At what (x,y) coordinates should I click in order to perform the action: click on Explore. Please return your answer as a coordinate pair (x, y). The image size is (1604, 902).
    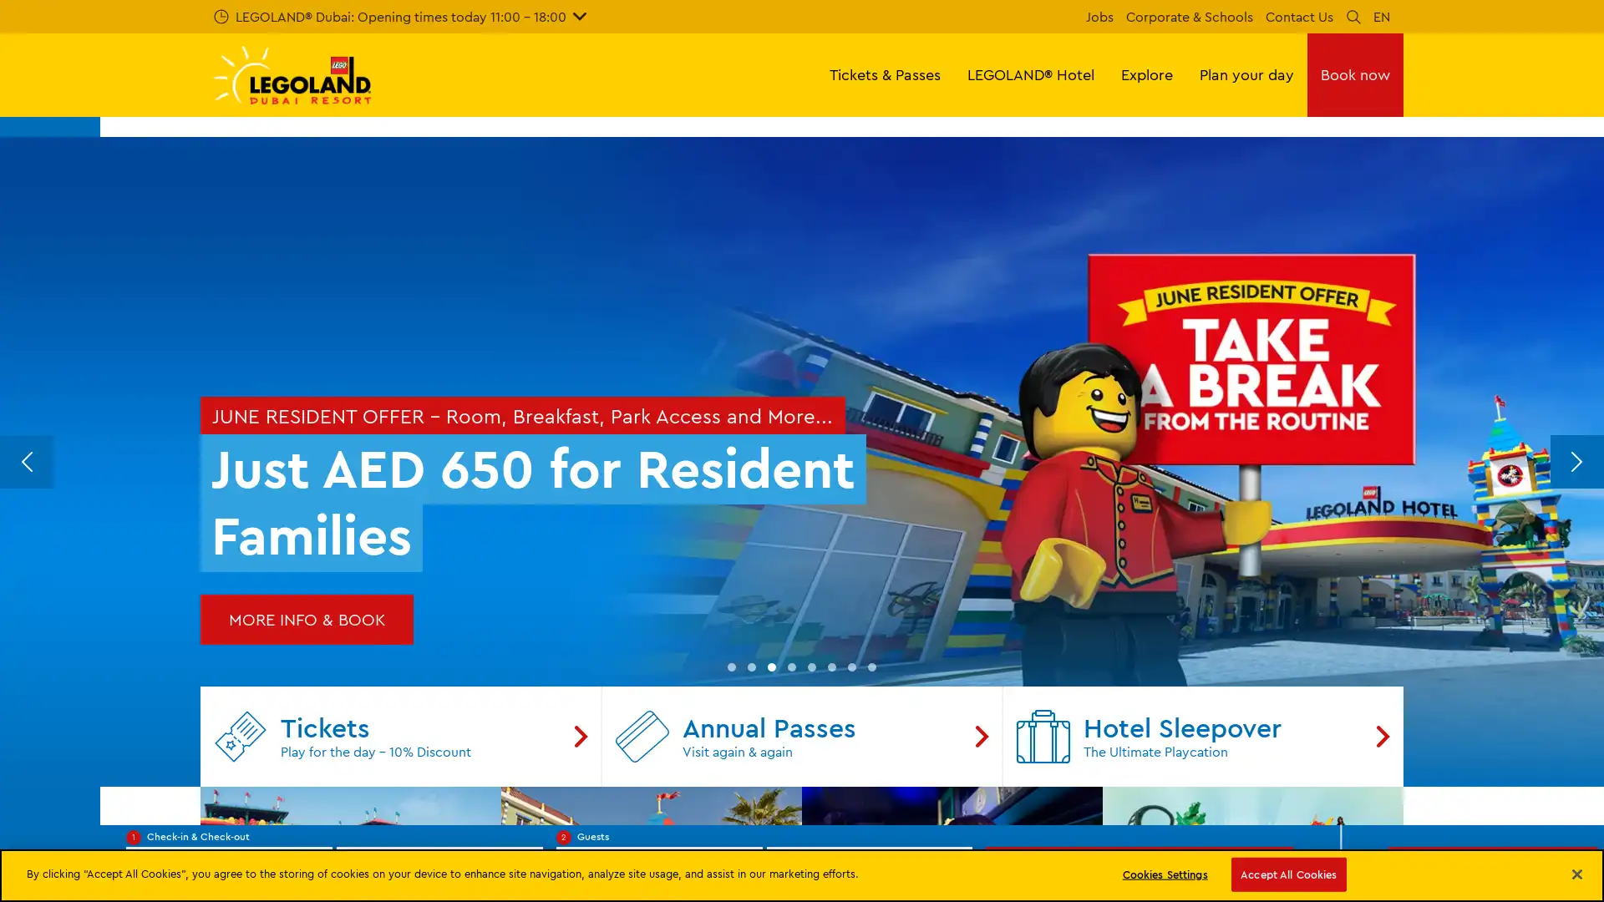
    Looking at the image, I should click on (1145, 73).